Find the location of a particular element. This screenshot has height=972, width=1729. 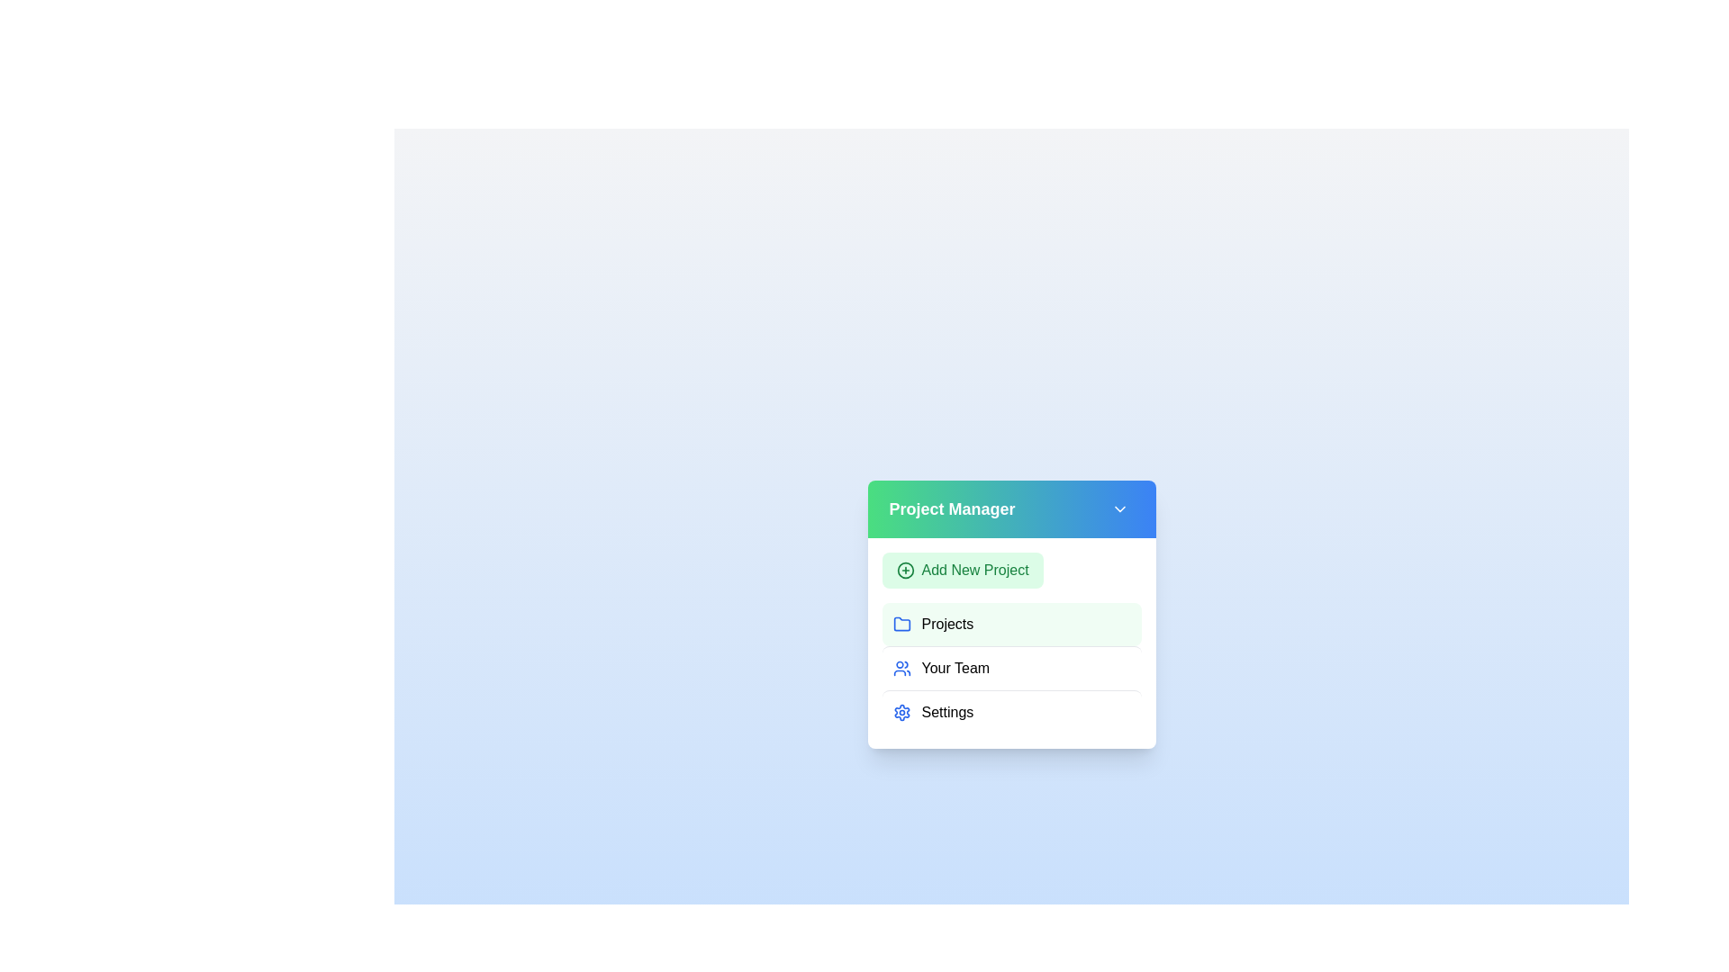

the menu item Your Team by clicking on it is located at coordinates (1011, 668).